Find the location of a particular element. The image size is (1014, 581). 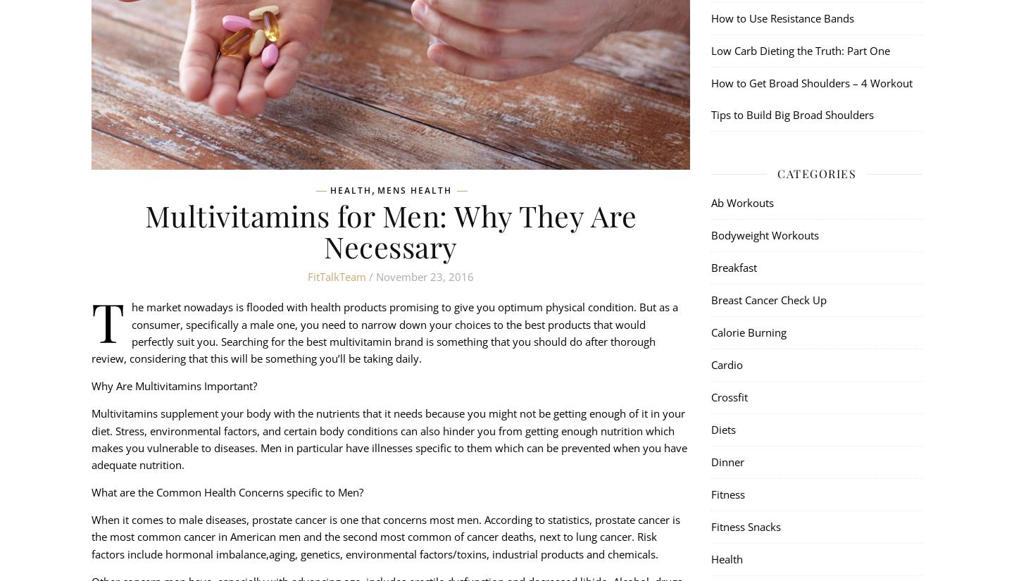

'Crossfit' is located at coordinates (729, 396).